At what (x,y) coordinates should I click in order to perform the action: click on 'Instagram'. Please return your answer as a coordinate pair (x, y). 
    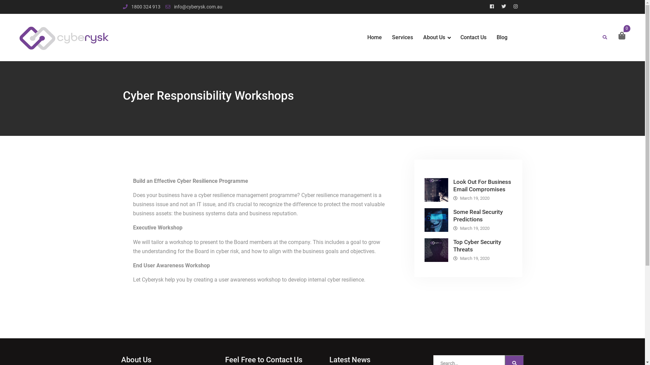
    Looking at the image, I should click on (510, 6).